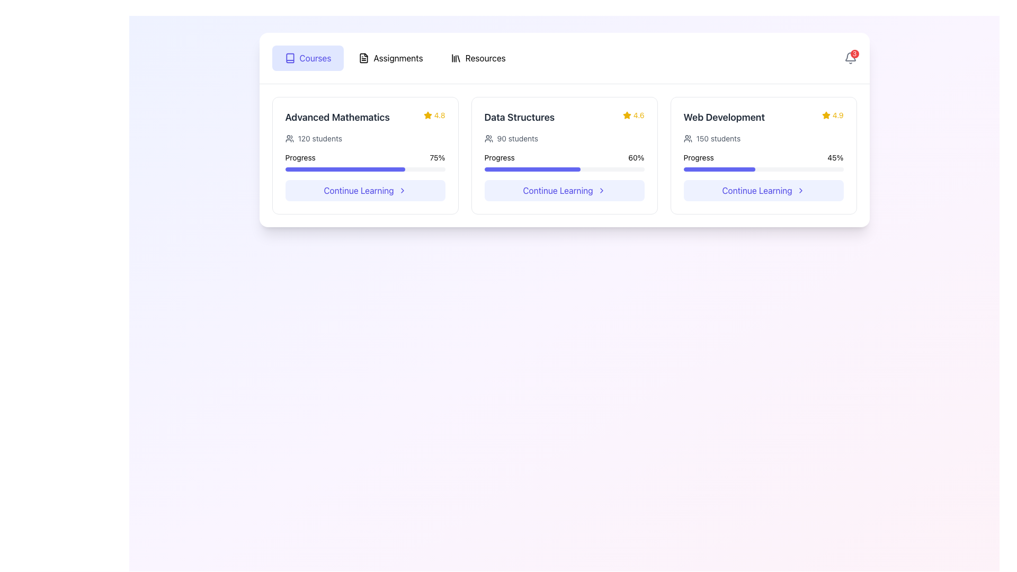 This screenshot has width=1017, height=572. What do you see at coordinates (365, 190) in the screenshot?
I see `the button located at the bottom of the 'Advanced Mathematics' card to proceed with learning activities` at bounding box center [365, 190].